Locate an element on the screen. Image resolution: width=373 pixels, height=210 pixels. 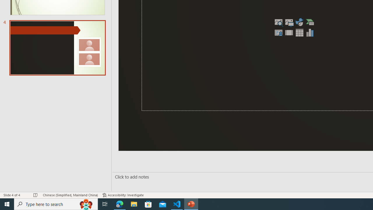
'Insert a SmartArt Graphic' is located at coordinates (310, 22).